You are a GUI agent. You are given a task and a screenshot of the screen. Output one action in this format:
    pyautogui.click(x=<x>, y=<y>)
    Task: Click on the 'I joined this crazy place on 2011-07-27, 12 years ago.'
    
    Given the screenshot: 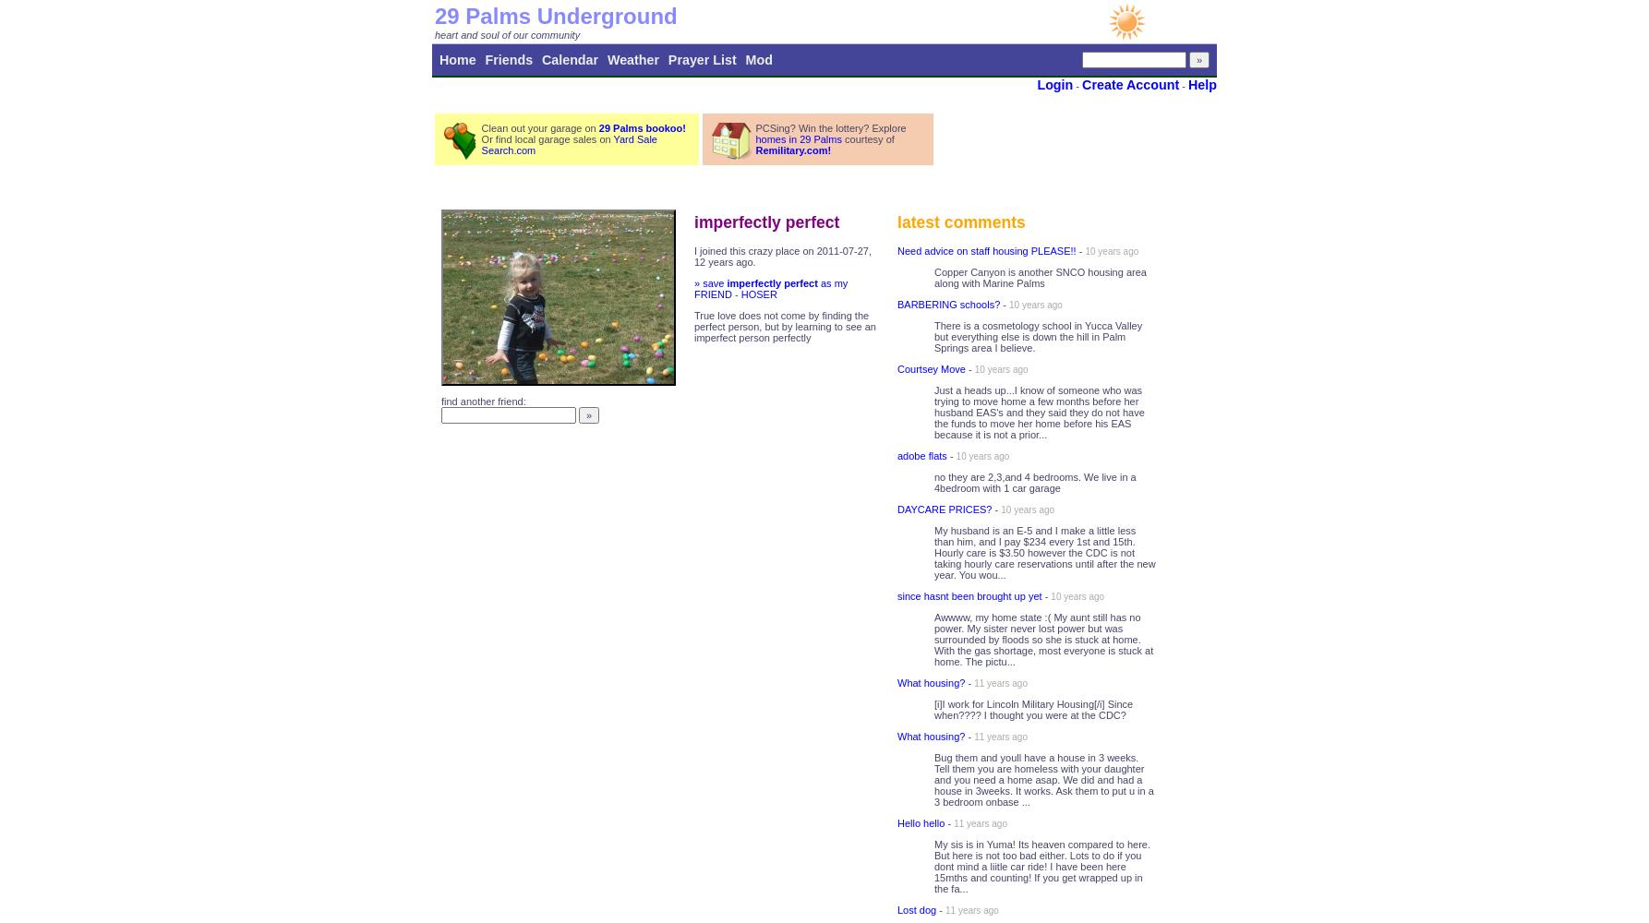 What is the action you would take?
    pyautogui.click(x=781, y=257)
    